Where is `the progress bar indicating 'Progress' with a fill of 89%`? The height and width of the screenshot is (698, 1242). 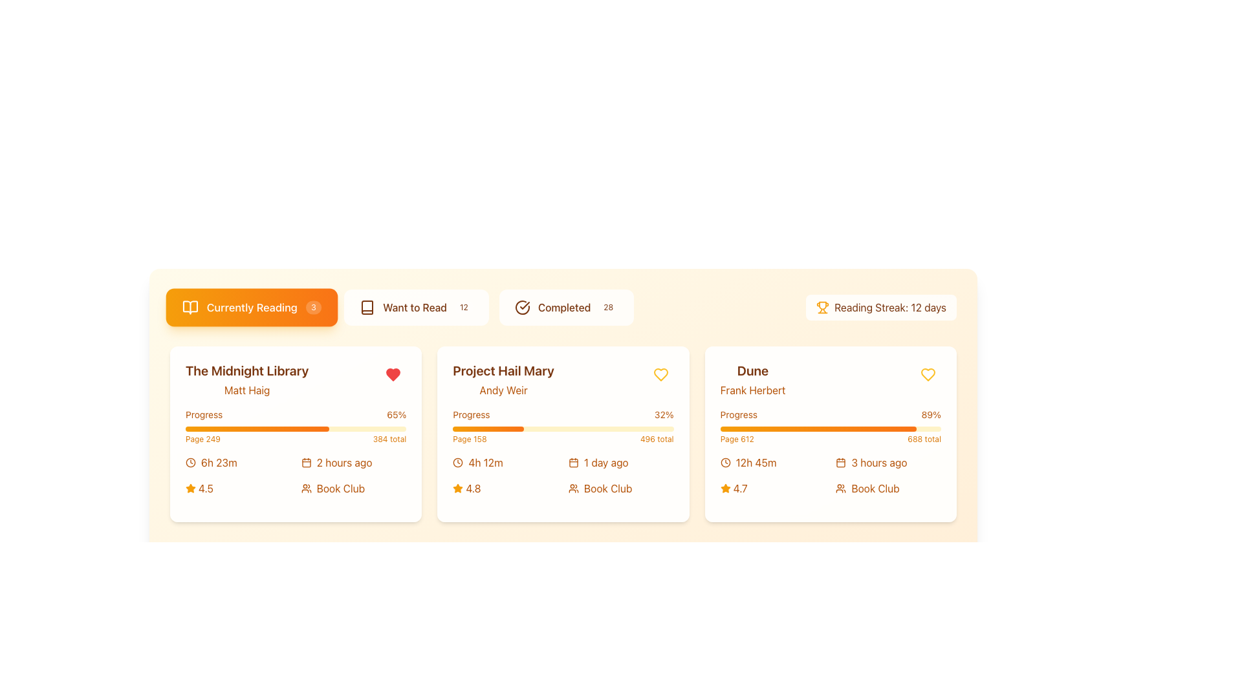 the progress bar indicating 'Progress' with a fill of 89% is located at coordinates (830, 426).